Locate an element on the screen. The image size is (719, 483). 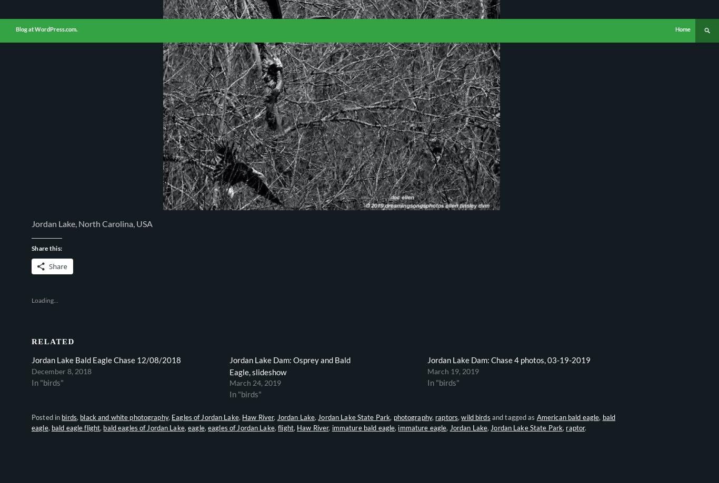
'Eagles of Jordan Lake' is located at coordinates (204, 417).